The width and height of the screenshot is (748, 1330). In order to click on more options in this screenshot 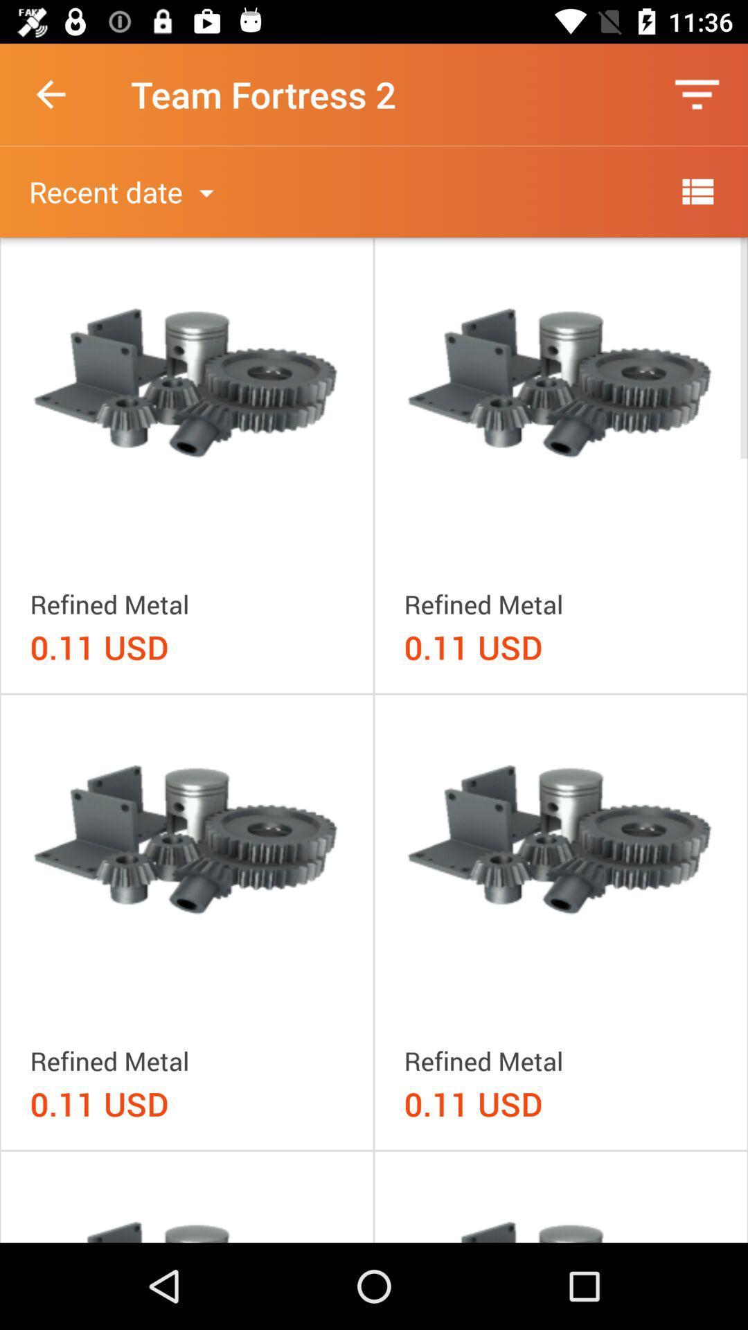, I will do `click(697, 190)`.